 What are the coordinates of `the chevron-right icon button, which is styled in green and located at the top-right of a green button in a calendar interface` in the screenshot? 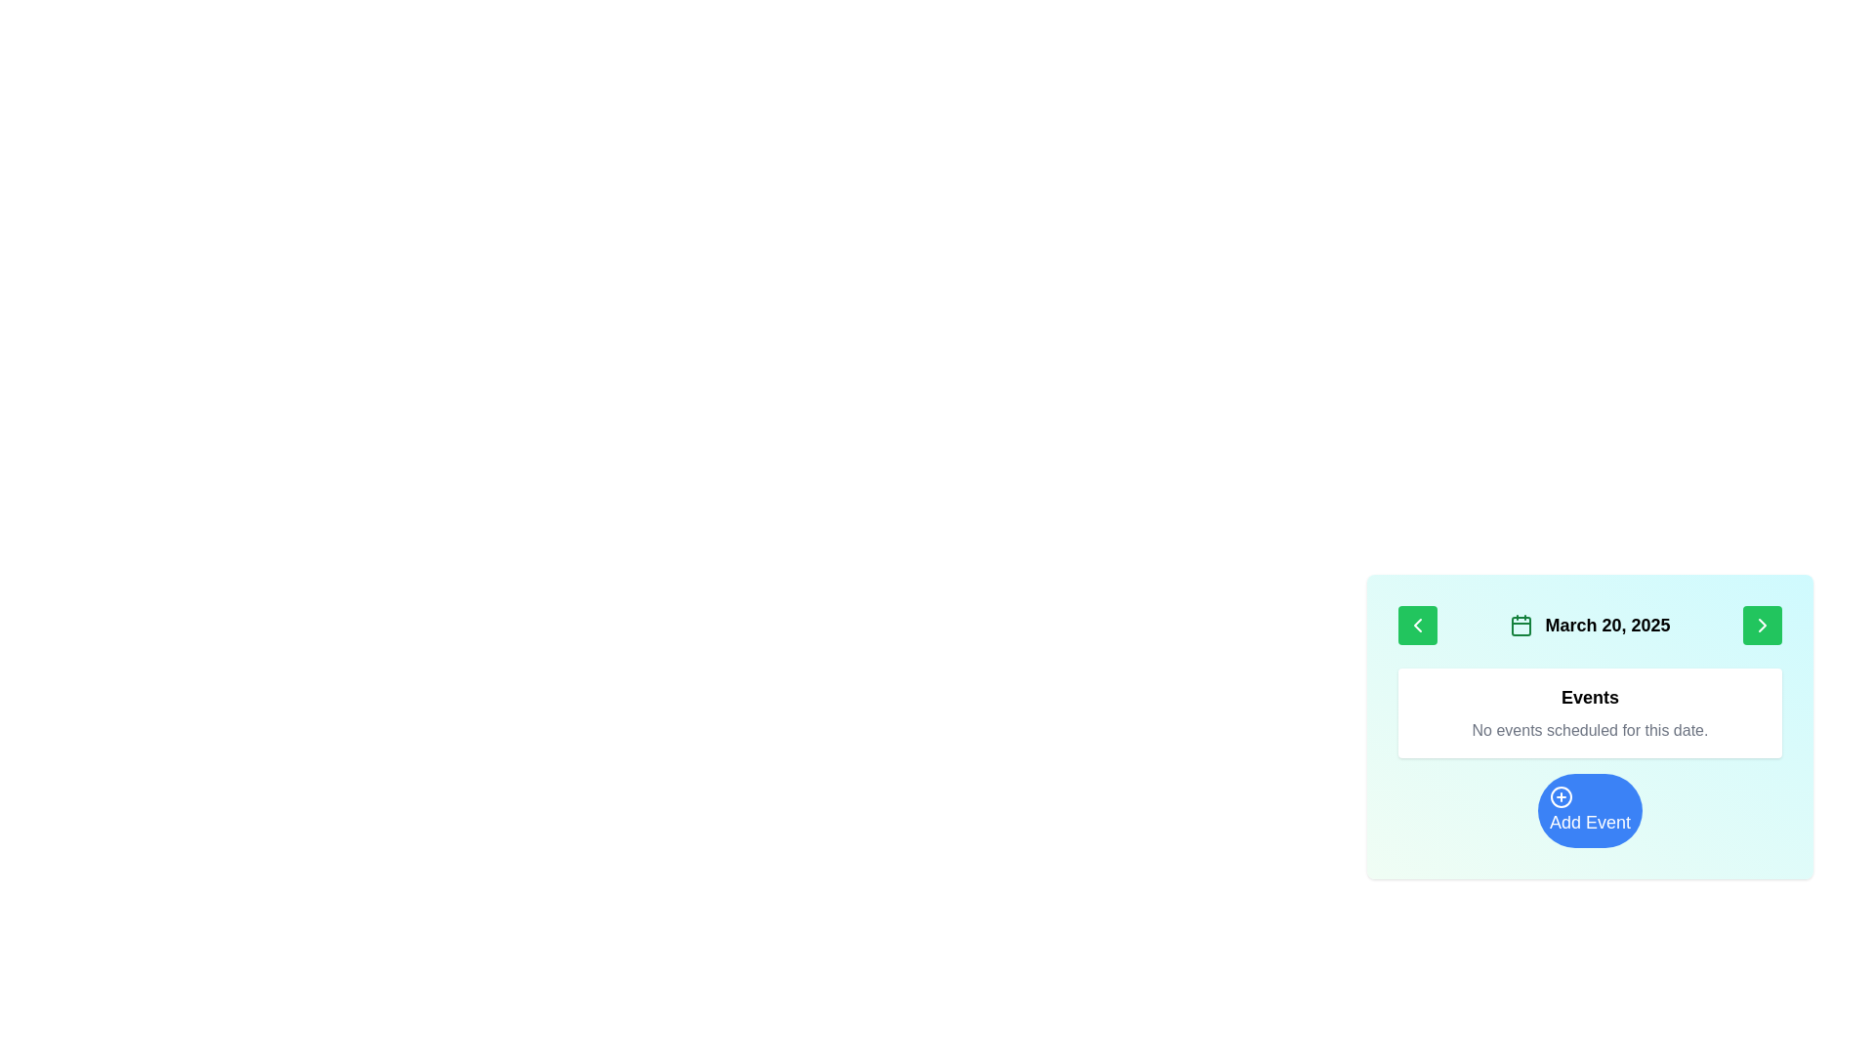 It's located at (1762, 625).